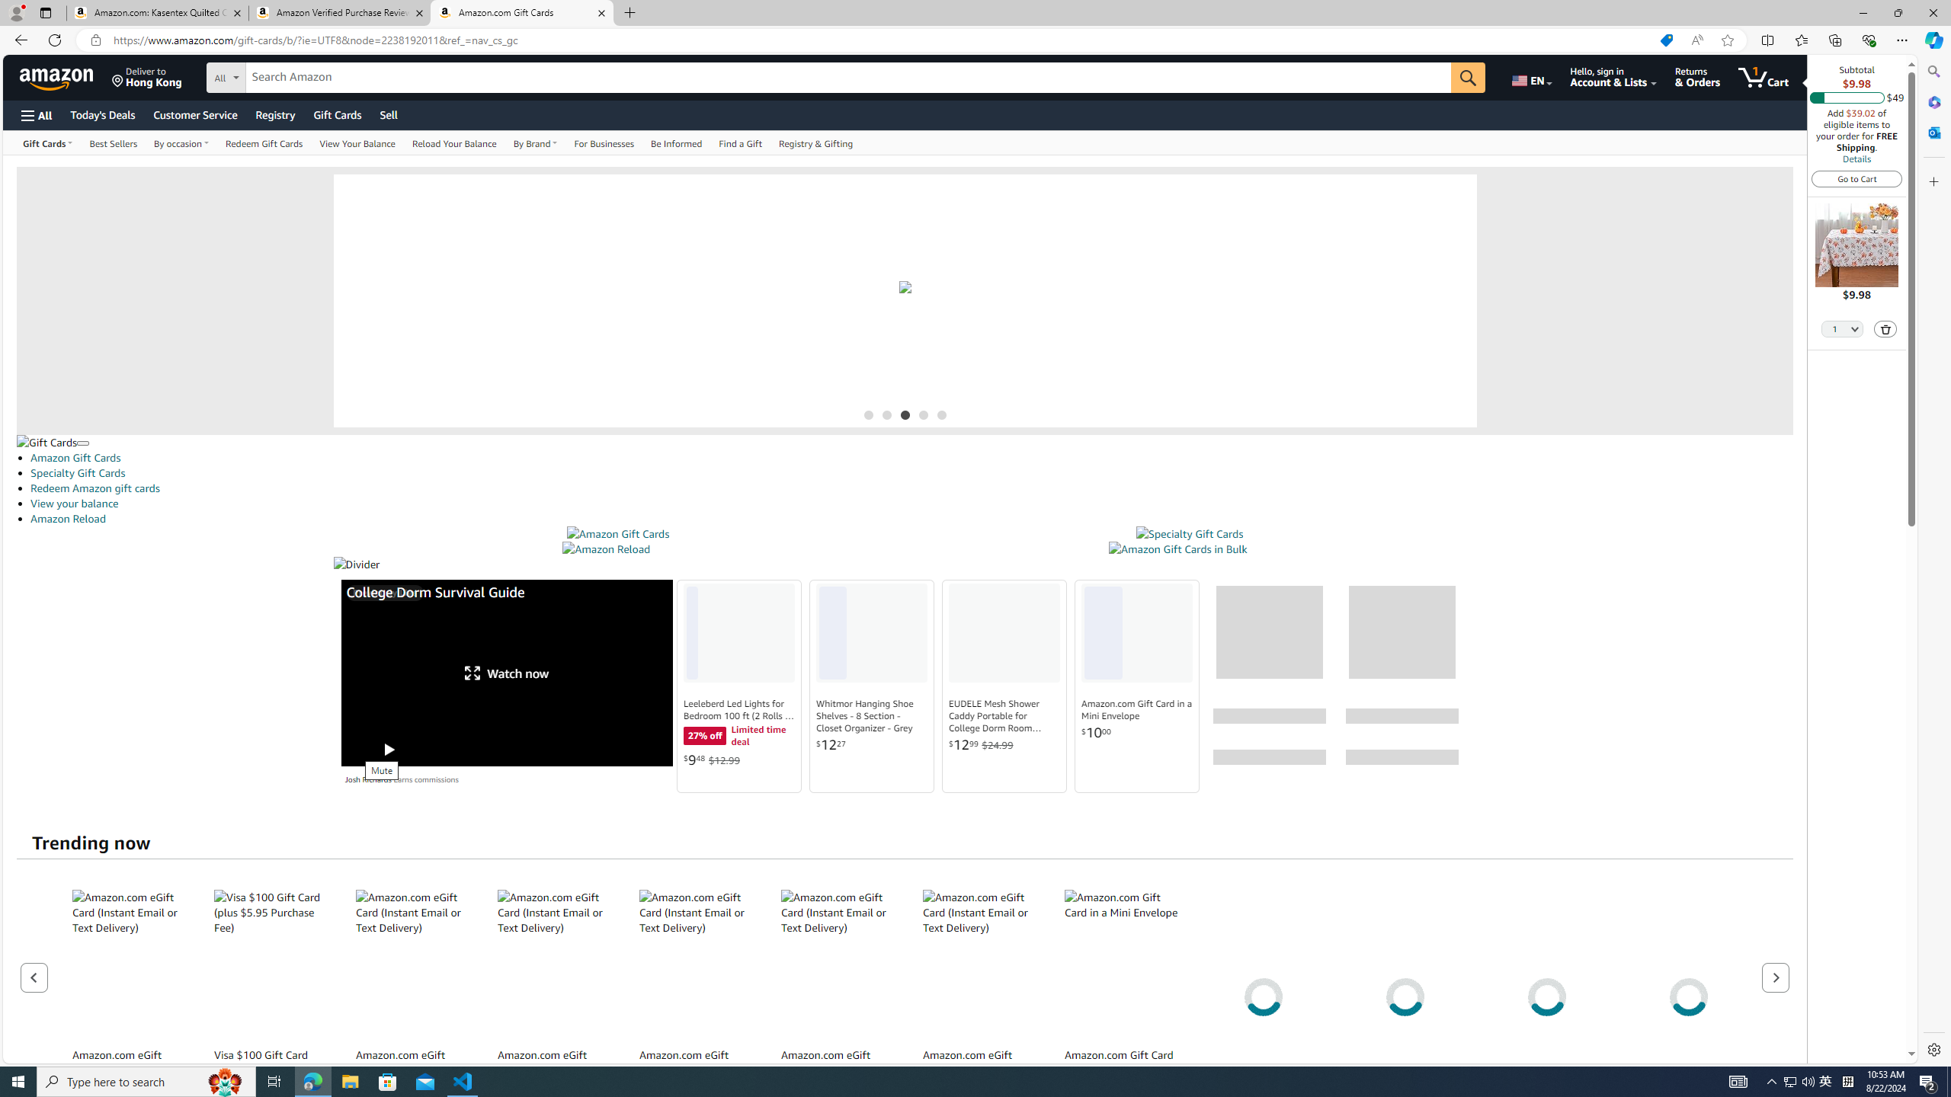 This screenshot has height=1097, width=1951. I want to click on 'Skip to main content', so click(65, 75).